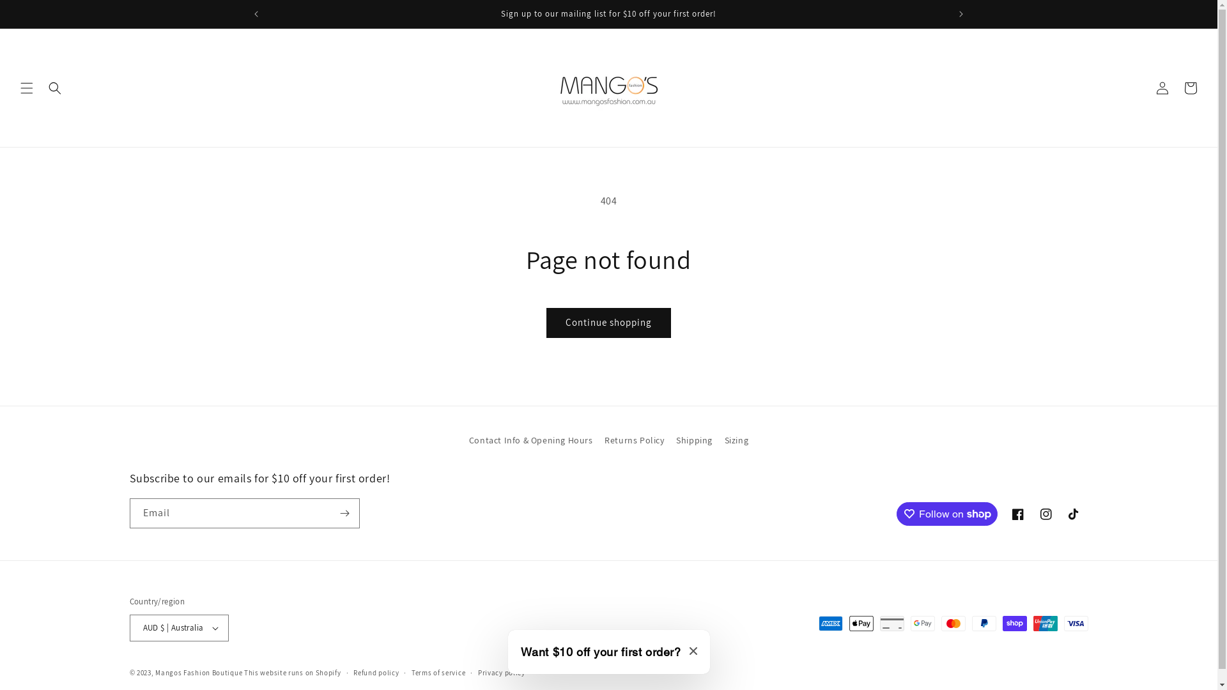 The height and width of the screenshot is (690, 1227). I want to click on 'Terms of service', so click(438, 672).